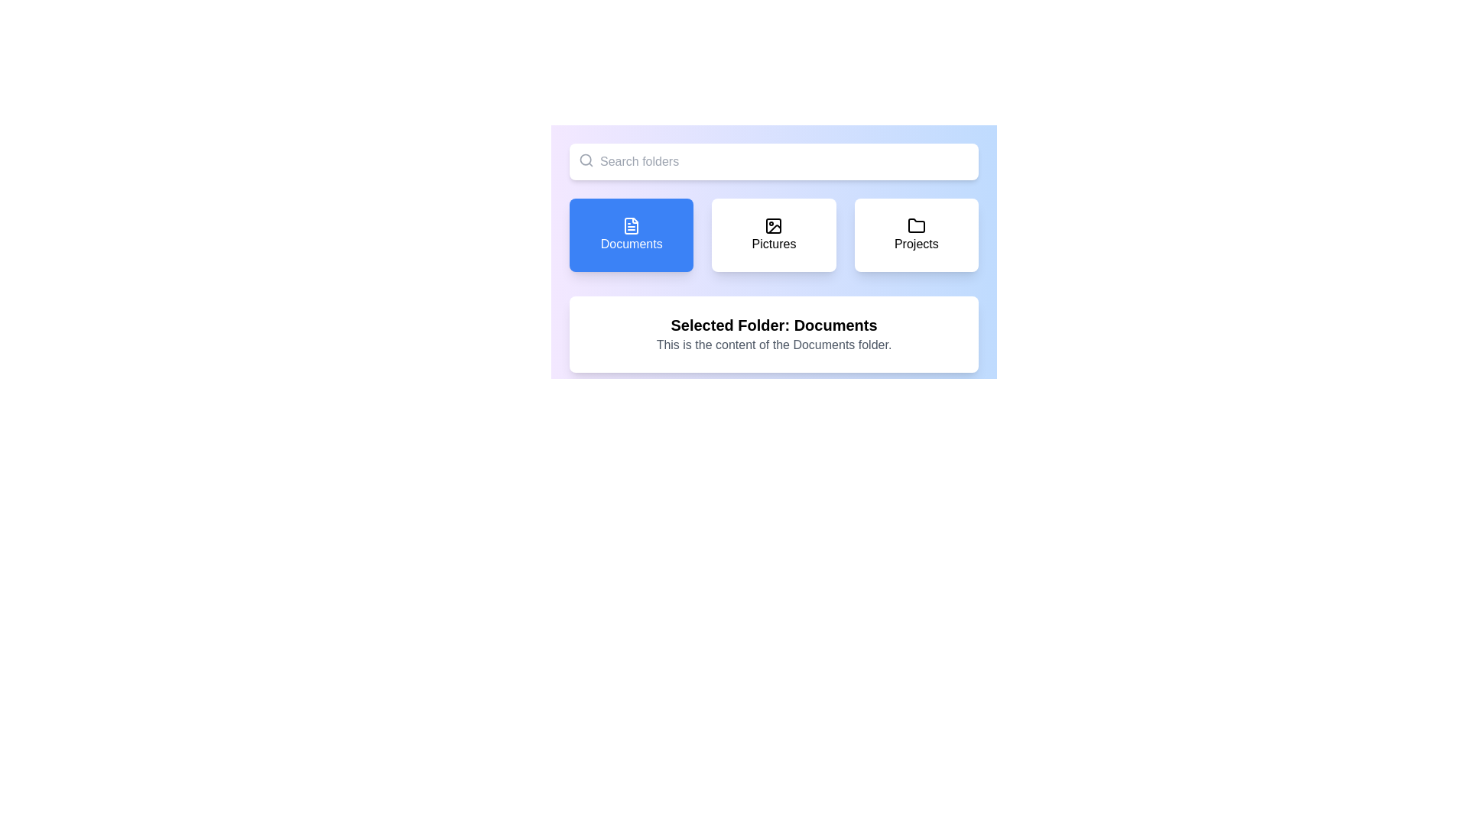 Image resolution: width=1468 pixels, height=825 pixels. What do you see at coordinates (586, 160) in the screenshot?
I see `the search functionality icon located on the left side of the search bar input field` at bounding box center [586, 160].